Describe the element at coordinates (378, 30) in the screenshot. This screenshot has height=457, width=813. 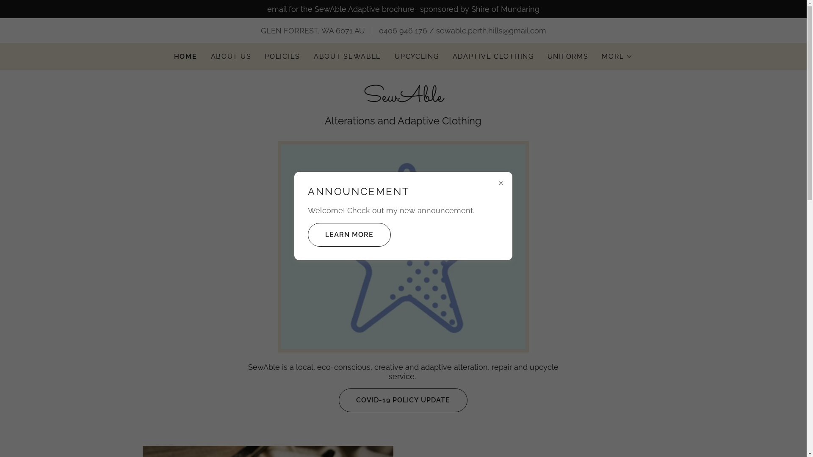
I see `'0406 946 176'` at that location.